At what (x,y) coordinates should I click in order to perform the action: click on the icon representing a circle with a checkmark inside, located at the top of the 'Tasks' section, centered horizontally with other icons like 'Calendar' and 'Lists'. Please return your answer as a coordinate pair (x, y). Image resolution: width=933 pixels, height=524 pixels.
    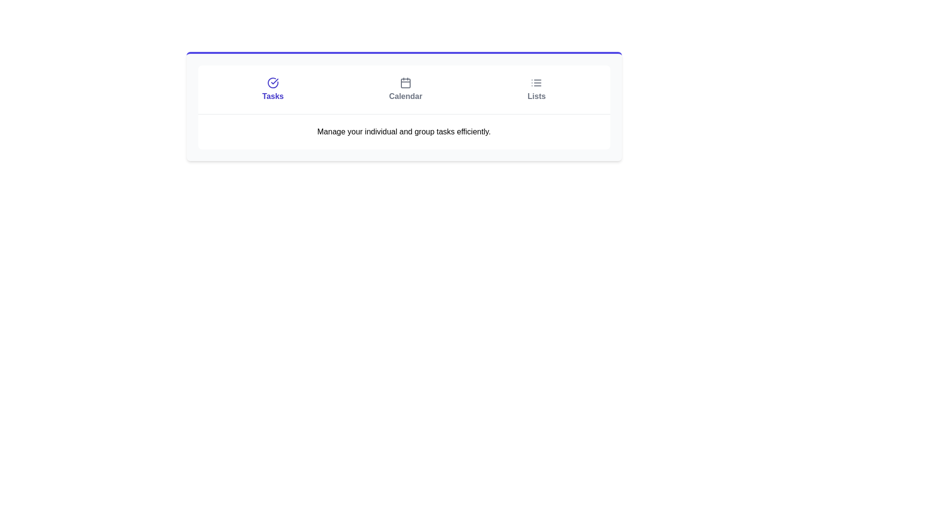
    Looking at the image, I should click on (272, 82).